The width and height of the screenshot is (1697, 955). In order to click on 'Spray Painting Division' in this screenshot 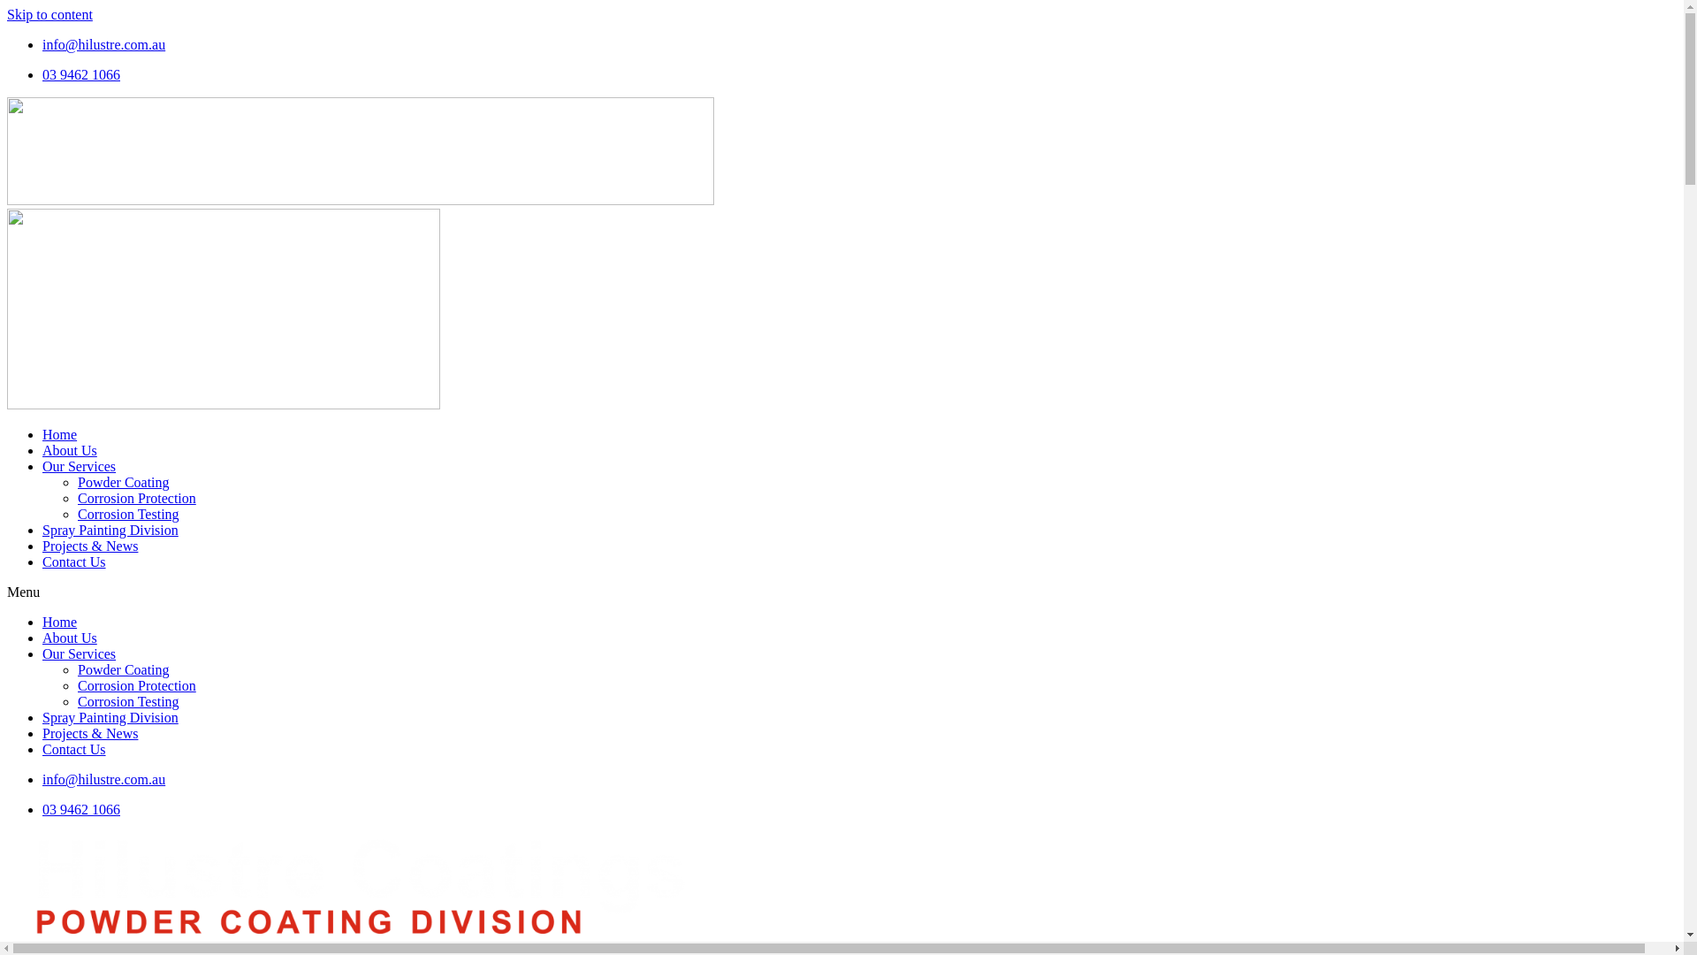, I will do `click(109, 717)`.